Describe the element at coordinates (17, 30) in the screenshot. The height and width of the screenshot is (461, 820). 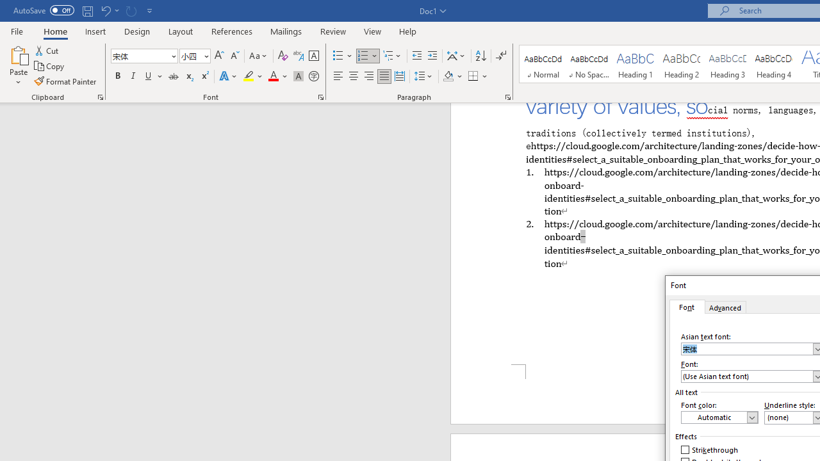
I see `'File Tab'` at that location.